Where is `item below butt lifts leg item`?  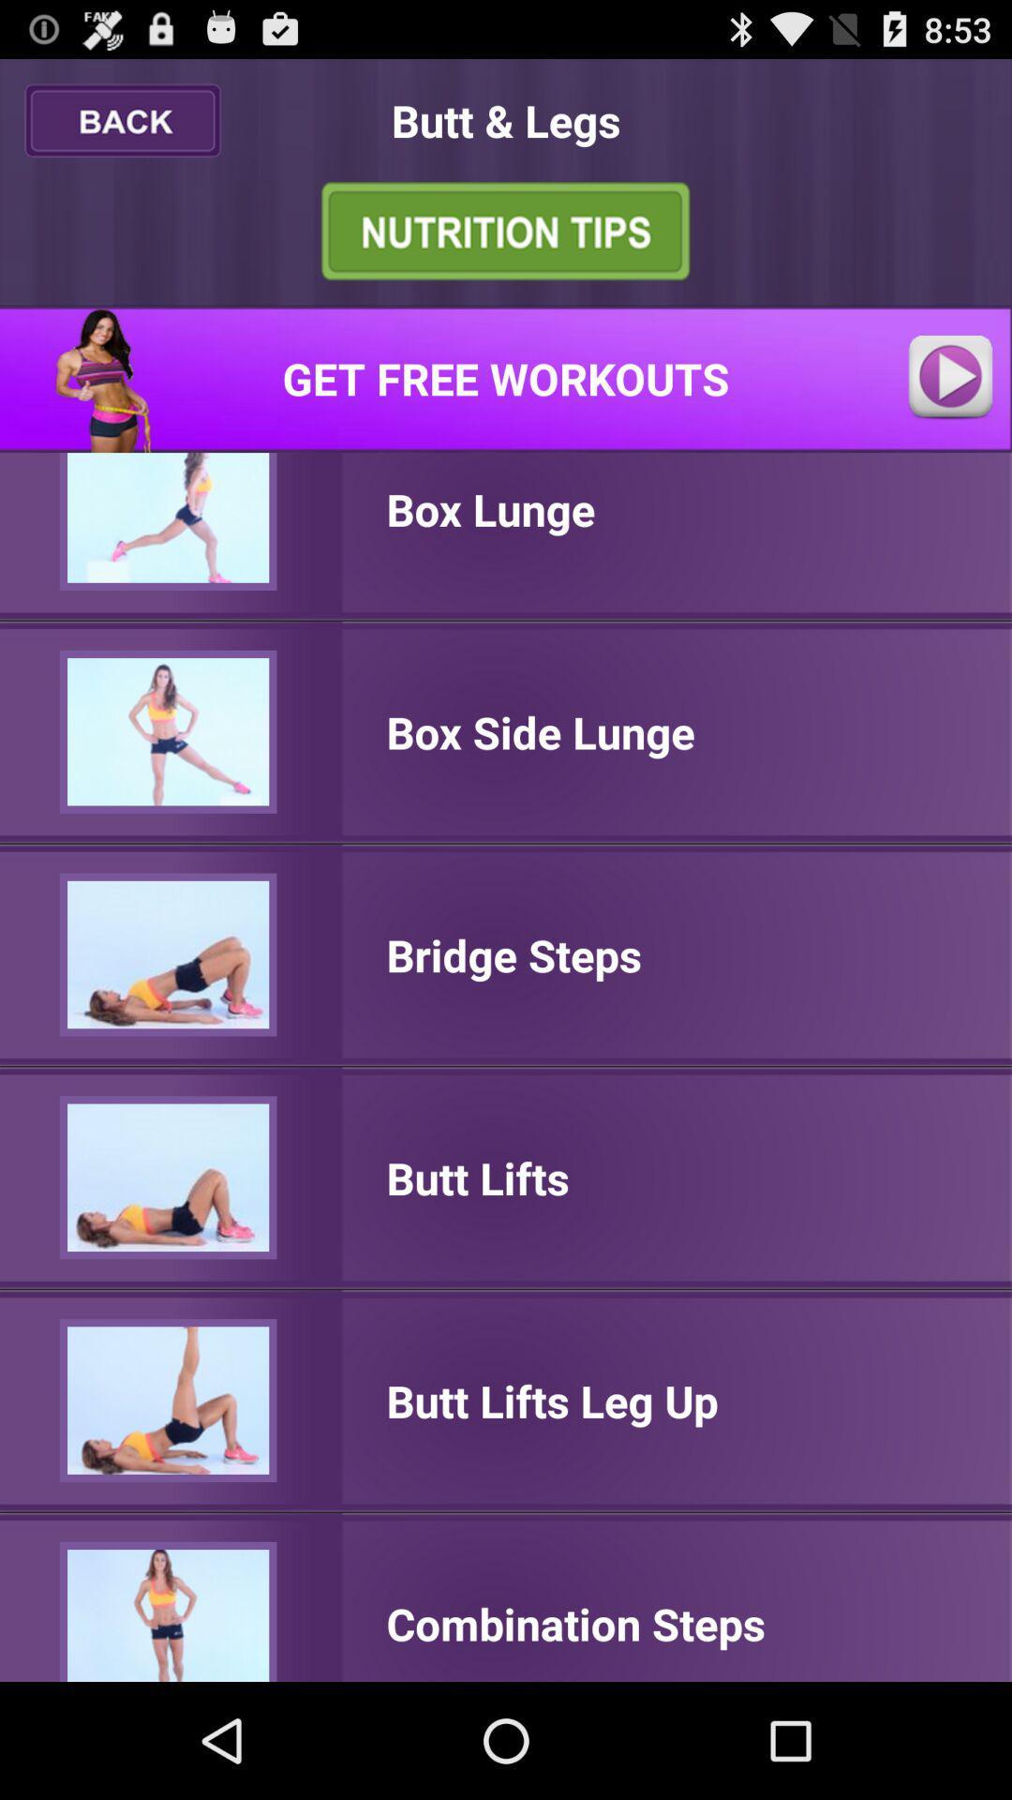 item below butt lifts leg item is located at coordinates (574, 1623).